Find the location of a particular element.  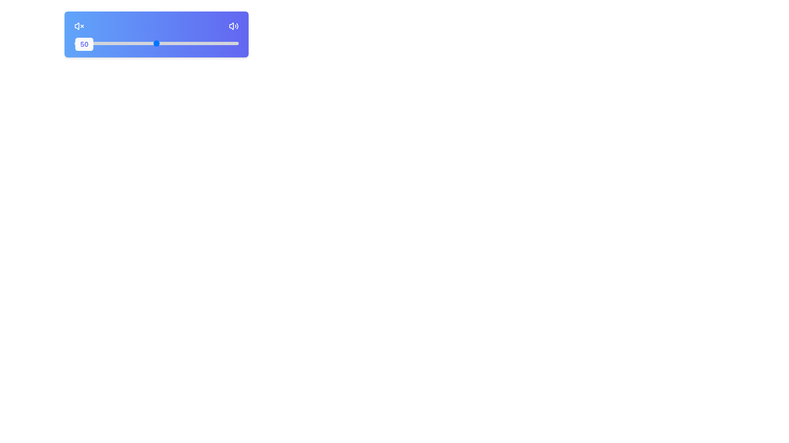

the slider is located at coordinates (221, 43).